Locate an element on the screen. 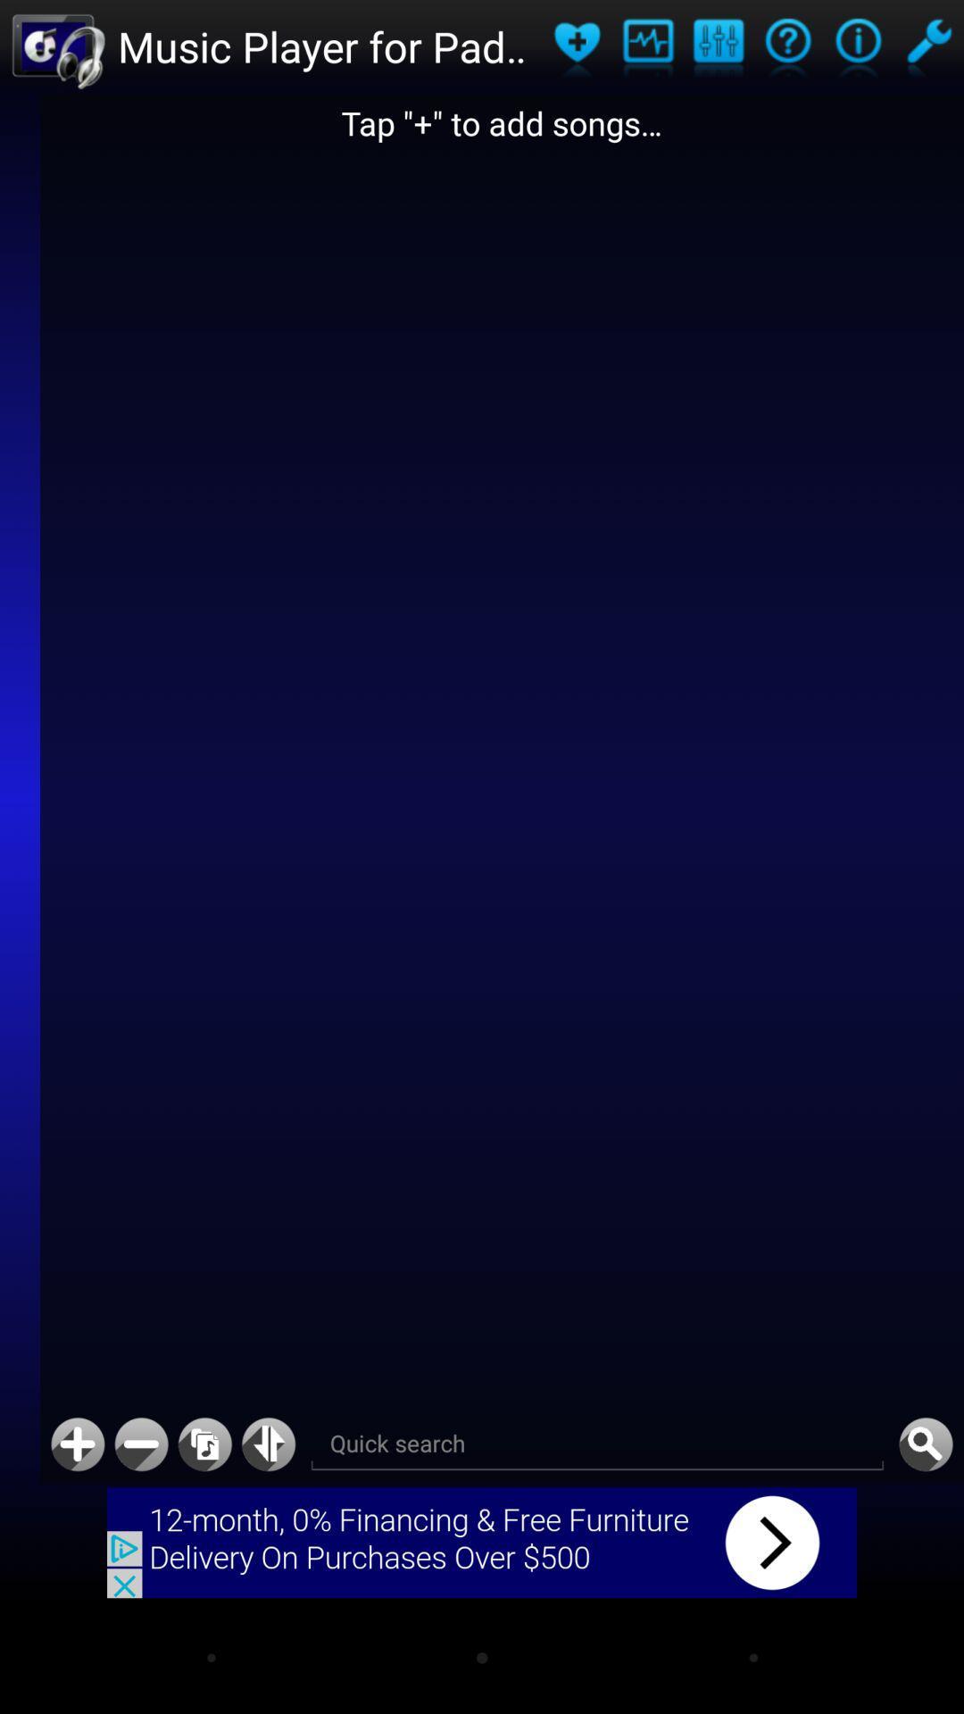 This screenshot has height=1714, width=964. search button is located at coordinates (925, 1444).